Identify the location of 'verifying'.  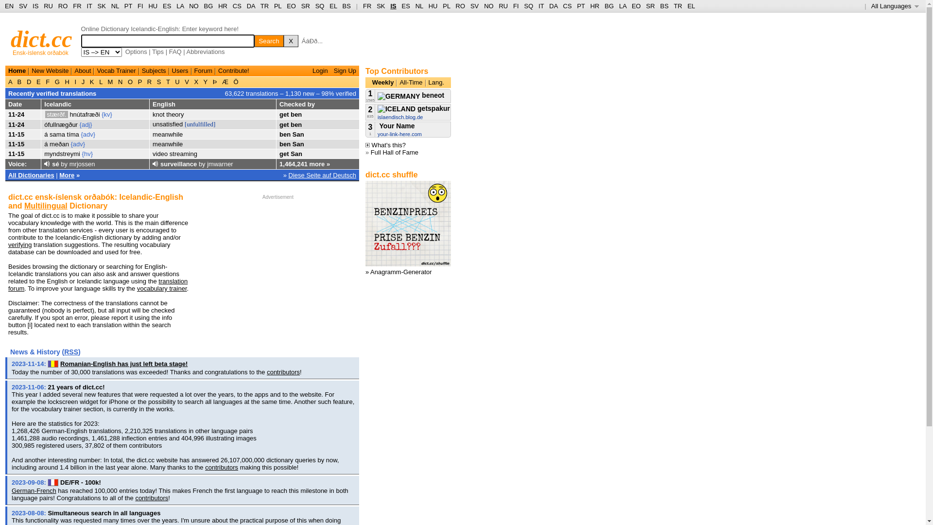
(8, 244).